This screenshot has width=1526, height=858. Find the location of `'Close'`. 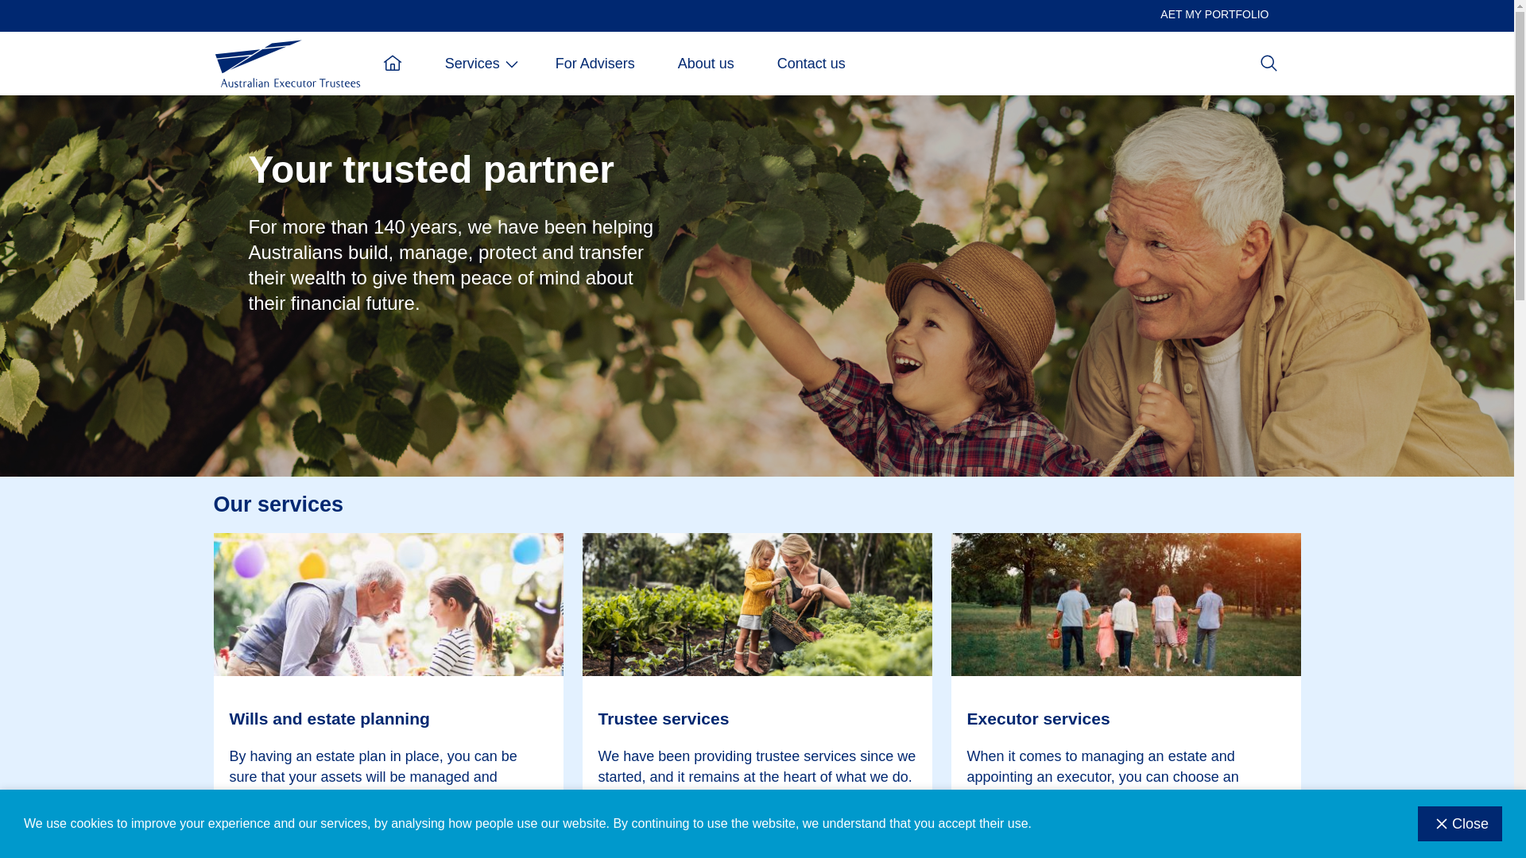

'Close' is located at coordinates (1418, 823).